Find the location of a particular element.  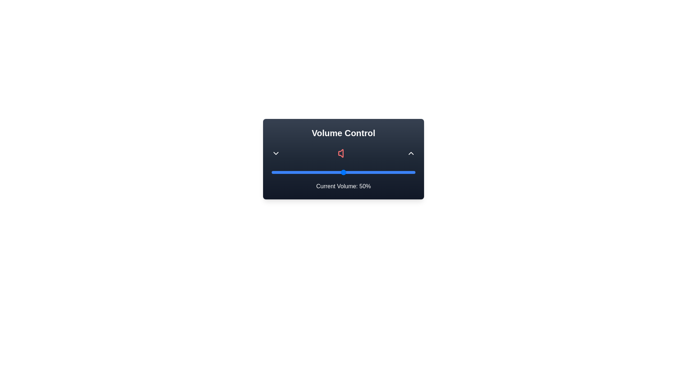

the volume slider to 59% is located at coordinates (356, 172).